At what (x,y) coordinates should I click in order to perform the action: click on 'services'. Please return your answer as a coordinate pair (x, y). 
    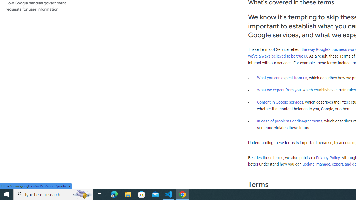
    Looking at the image, I should click on (285, 35).